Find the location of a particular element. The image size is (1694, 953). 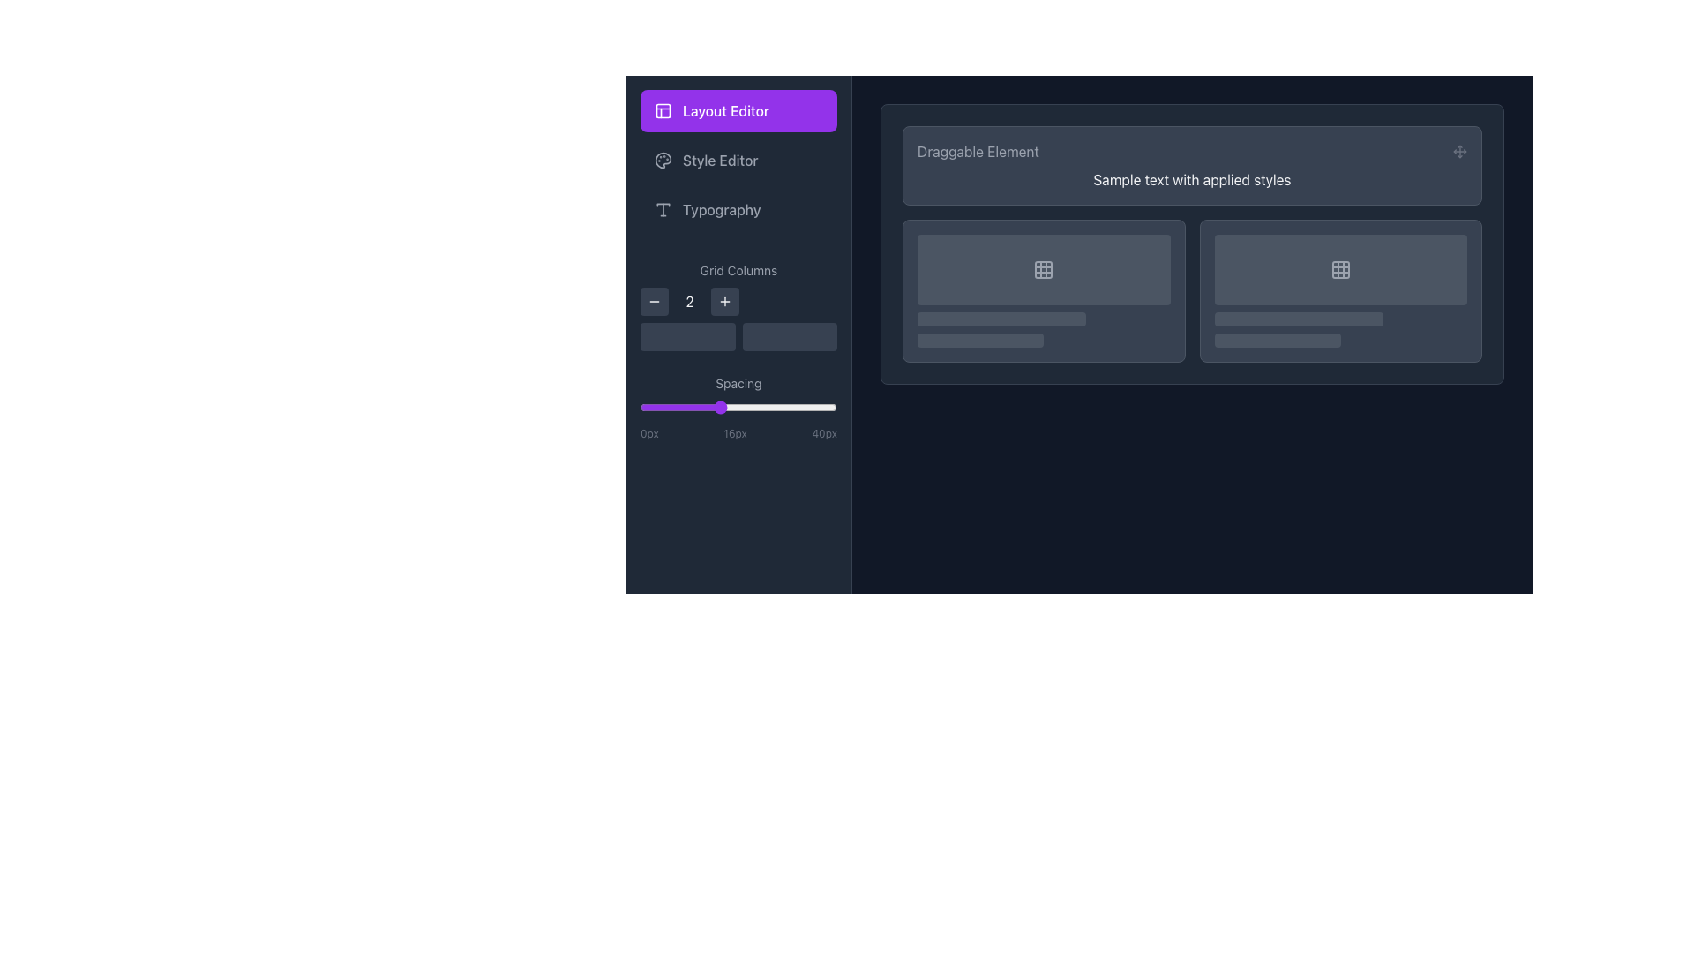

the Navigation item labeled 'Typography', which is the third item in the vertical list of navigation options, to trigger a background change is located at coordinates (738, 209).